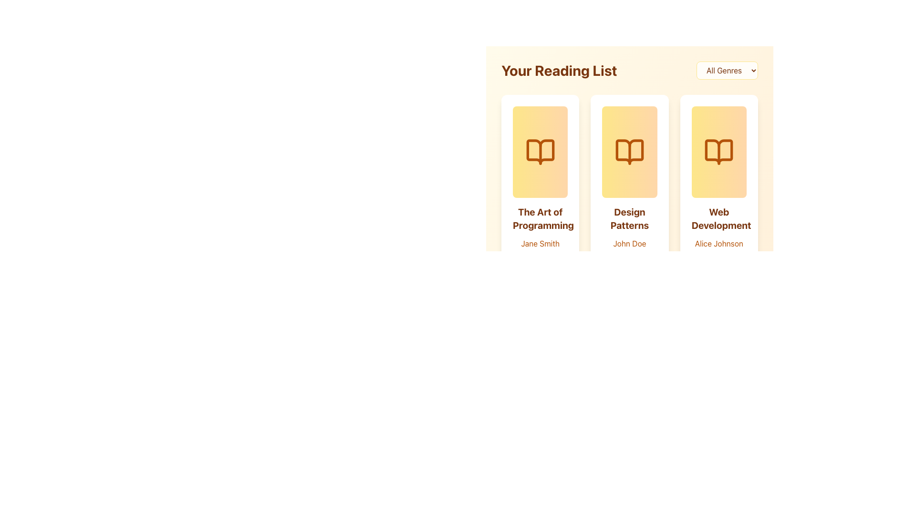  I want to click on the Text label representing the title 'Design Patterns' at the top of the second card in the 'Your Reading List' section, so click(630, 219).